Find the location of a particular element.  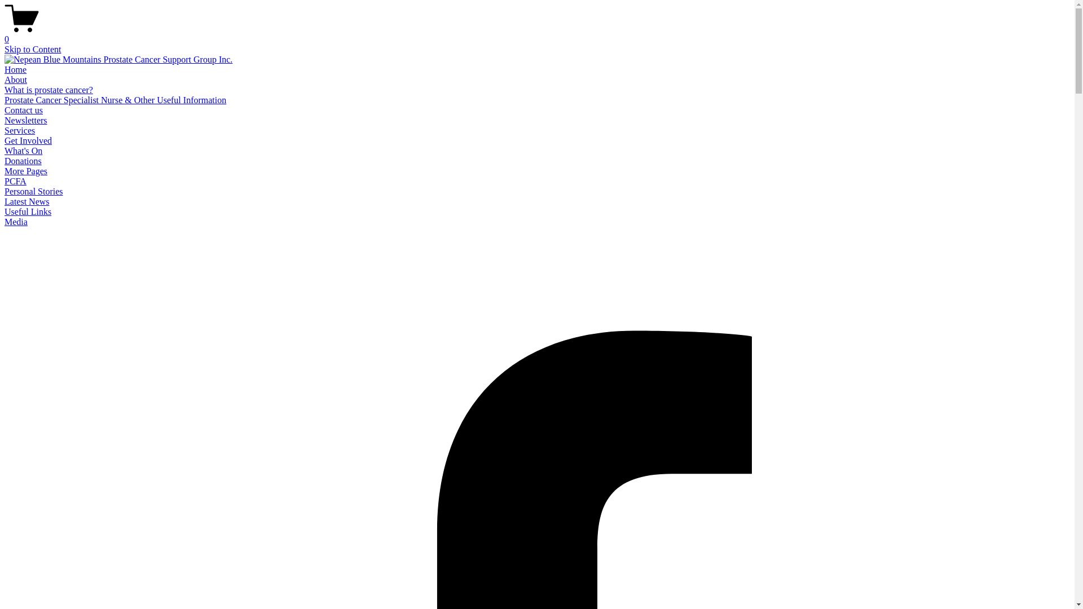

'Home' is located at coordinates (15, 69).